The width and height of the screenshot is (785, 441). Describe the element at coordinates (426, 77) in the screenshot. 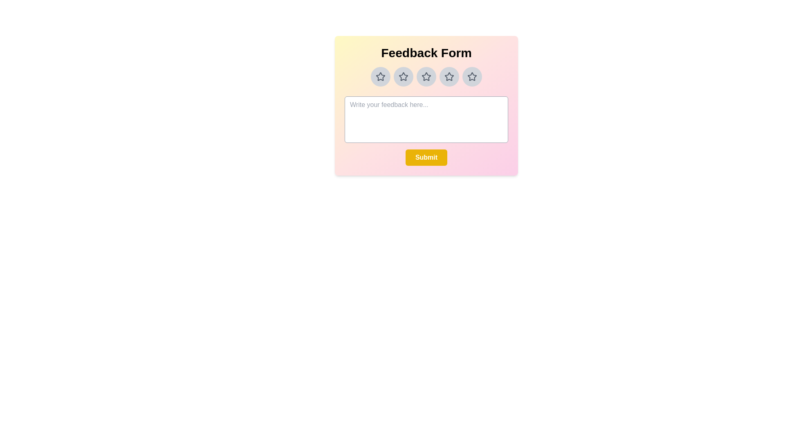

I see `the star rating to 3 by clicking on the corresponding star button` at that location.